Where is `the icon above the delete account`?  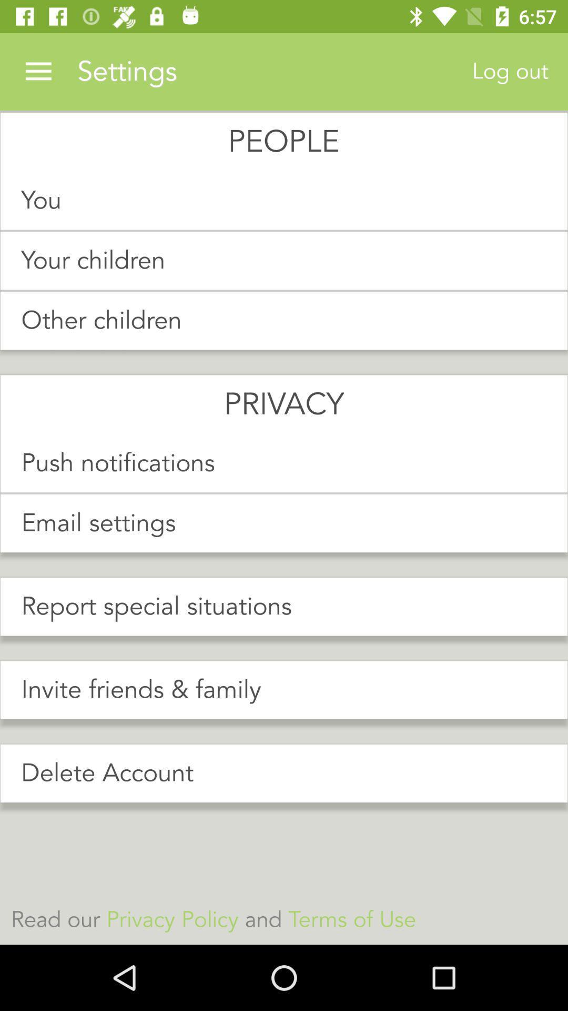 the icon above the delete account is located at coordinates (284, 690).